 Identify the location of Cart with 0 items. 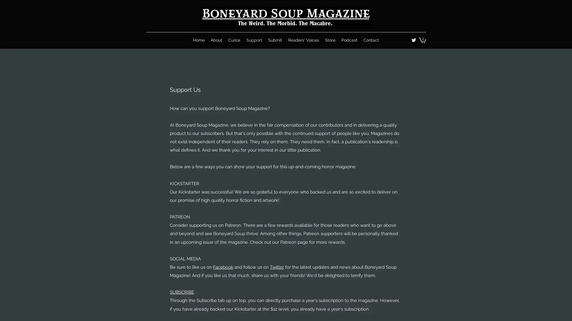
(422, 40).